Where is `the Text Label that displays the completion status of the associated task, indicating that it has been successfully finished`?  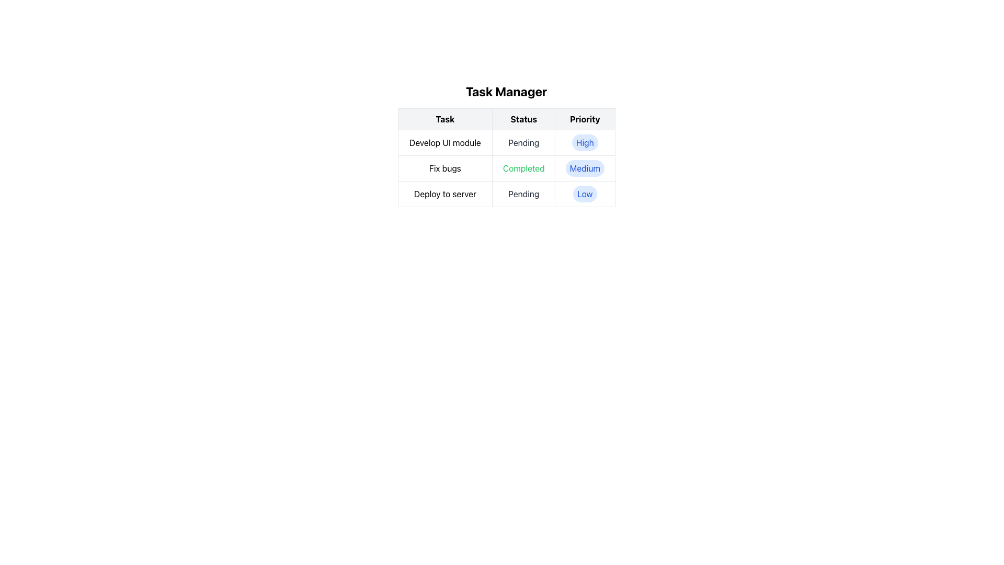 the Text Label that displays the completion status of the associated task, indicating that it has been successfully finished is located at coordinates (523, 167).